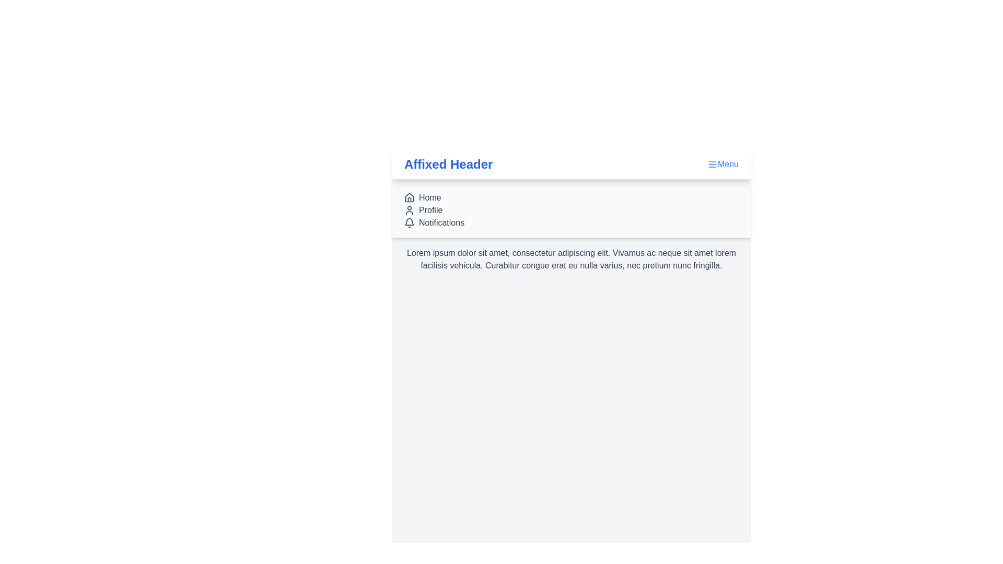 The height and width of the screenshot is (564, 1003). Describe the element at coordinates (409, 222) in the screenshot. I see `the notification icon located in the navigation panel under the 'Notifications' label` at that location.